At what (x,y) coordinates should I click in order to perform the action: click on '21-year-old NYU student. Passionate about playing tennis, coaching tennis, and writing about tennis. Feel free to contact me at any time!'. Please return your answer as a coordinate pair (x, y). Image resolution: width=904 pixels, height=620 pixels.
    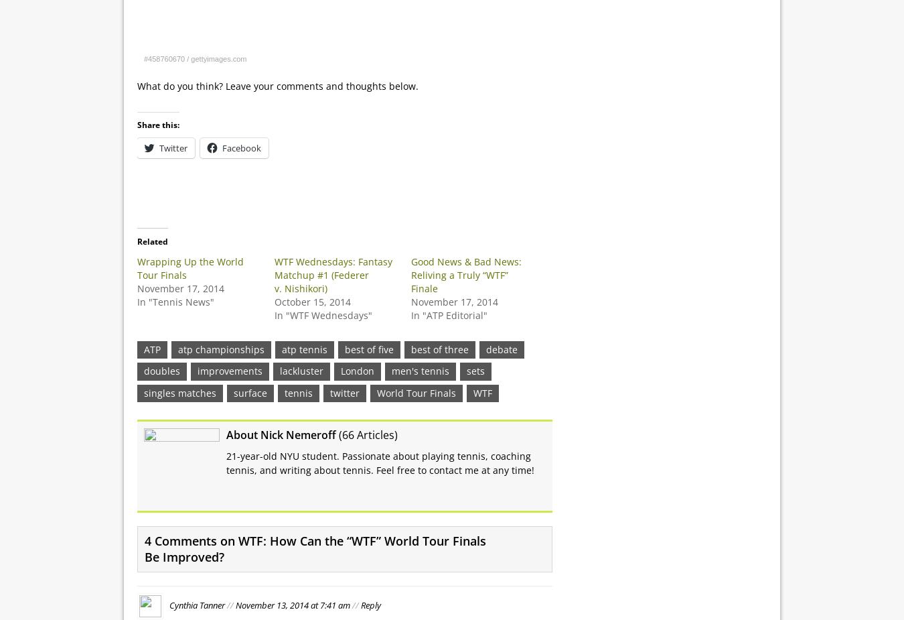
    Looking at the image, I should click on (226, 462).